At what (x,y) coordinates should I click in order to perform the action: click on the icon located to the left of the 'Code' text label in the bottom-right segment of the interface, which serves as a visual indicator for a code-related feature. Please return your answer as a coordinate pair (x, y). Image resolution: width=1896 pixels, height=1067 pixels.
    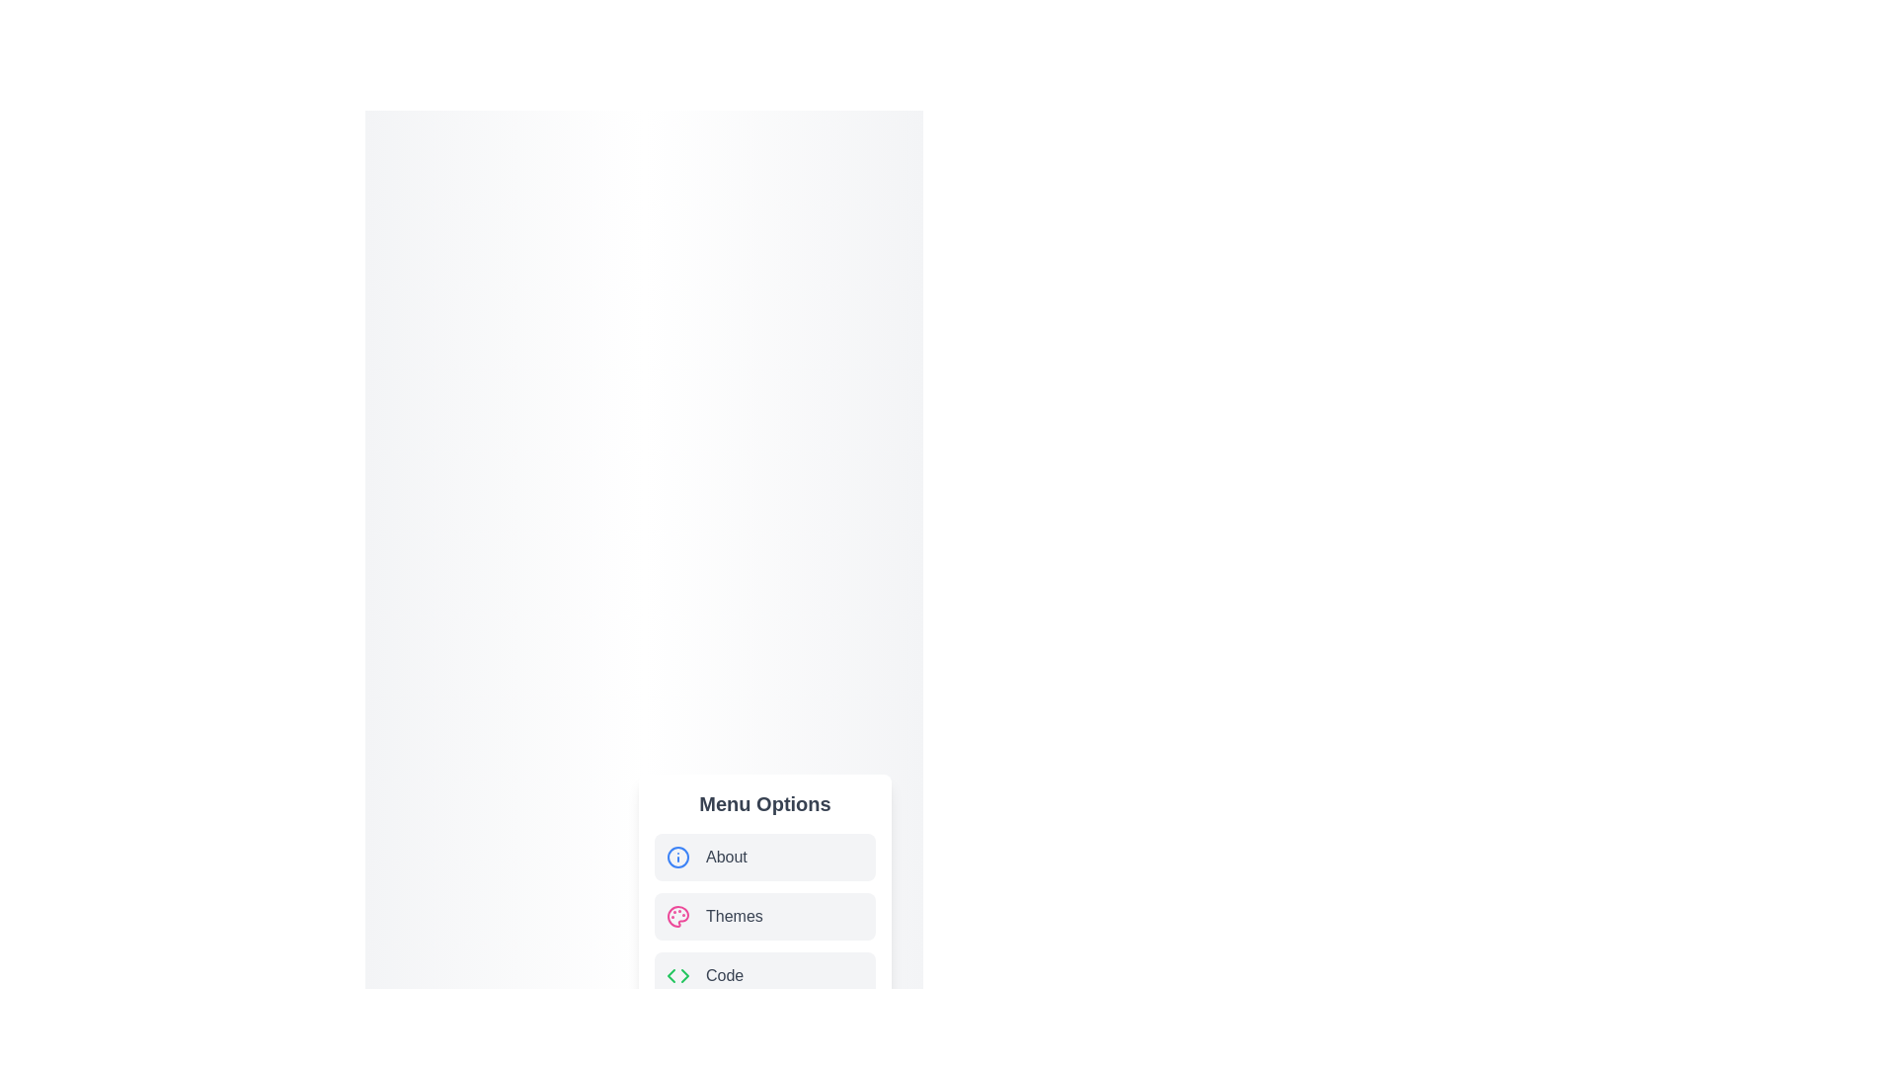
    Looking at the image, I should click on (677, 974).